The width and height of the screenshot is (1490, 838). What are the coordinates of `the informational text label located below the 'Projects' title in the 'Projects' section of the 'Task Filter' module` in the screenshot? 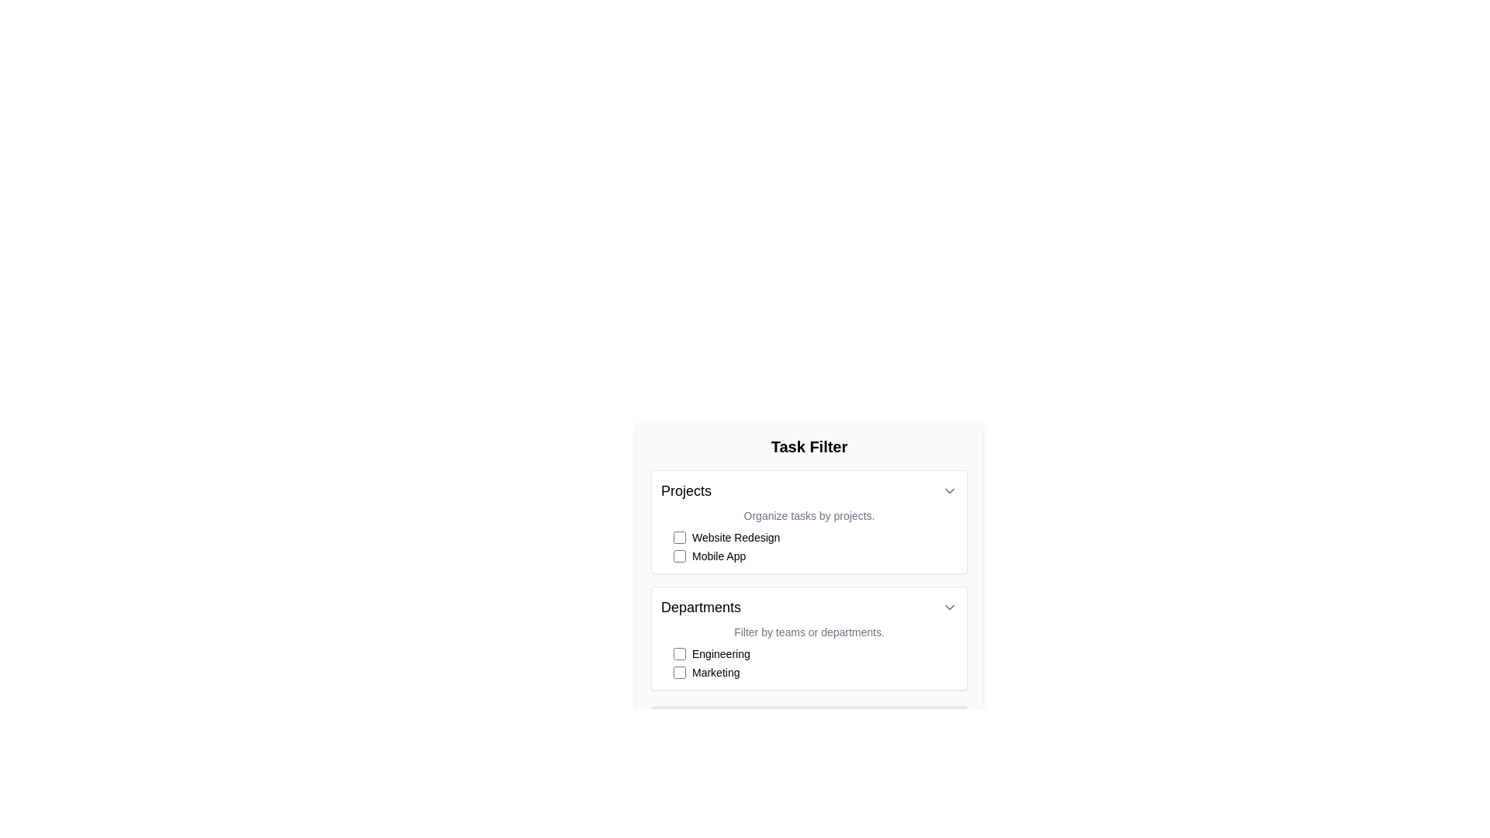 It's located at (808, 515).